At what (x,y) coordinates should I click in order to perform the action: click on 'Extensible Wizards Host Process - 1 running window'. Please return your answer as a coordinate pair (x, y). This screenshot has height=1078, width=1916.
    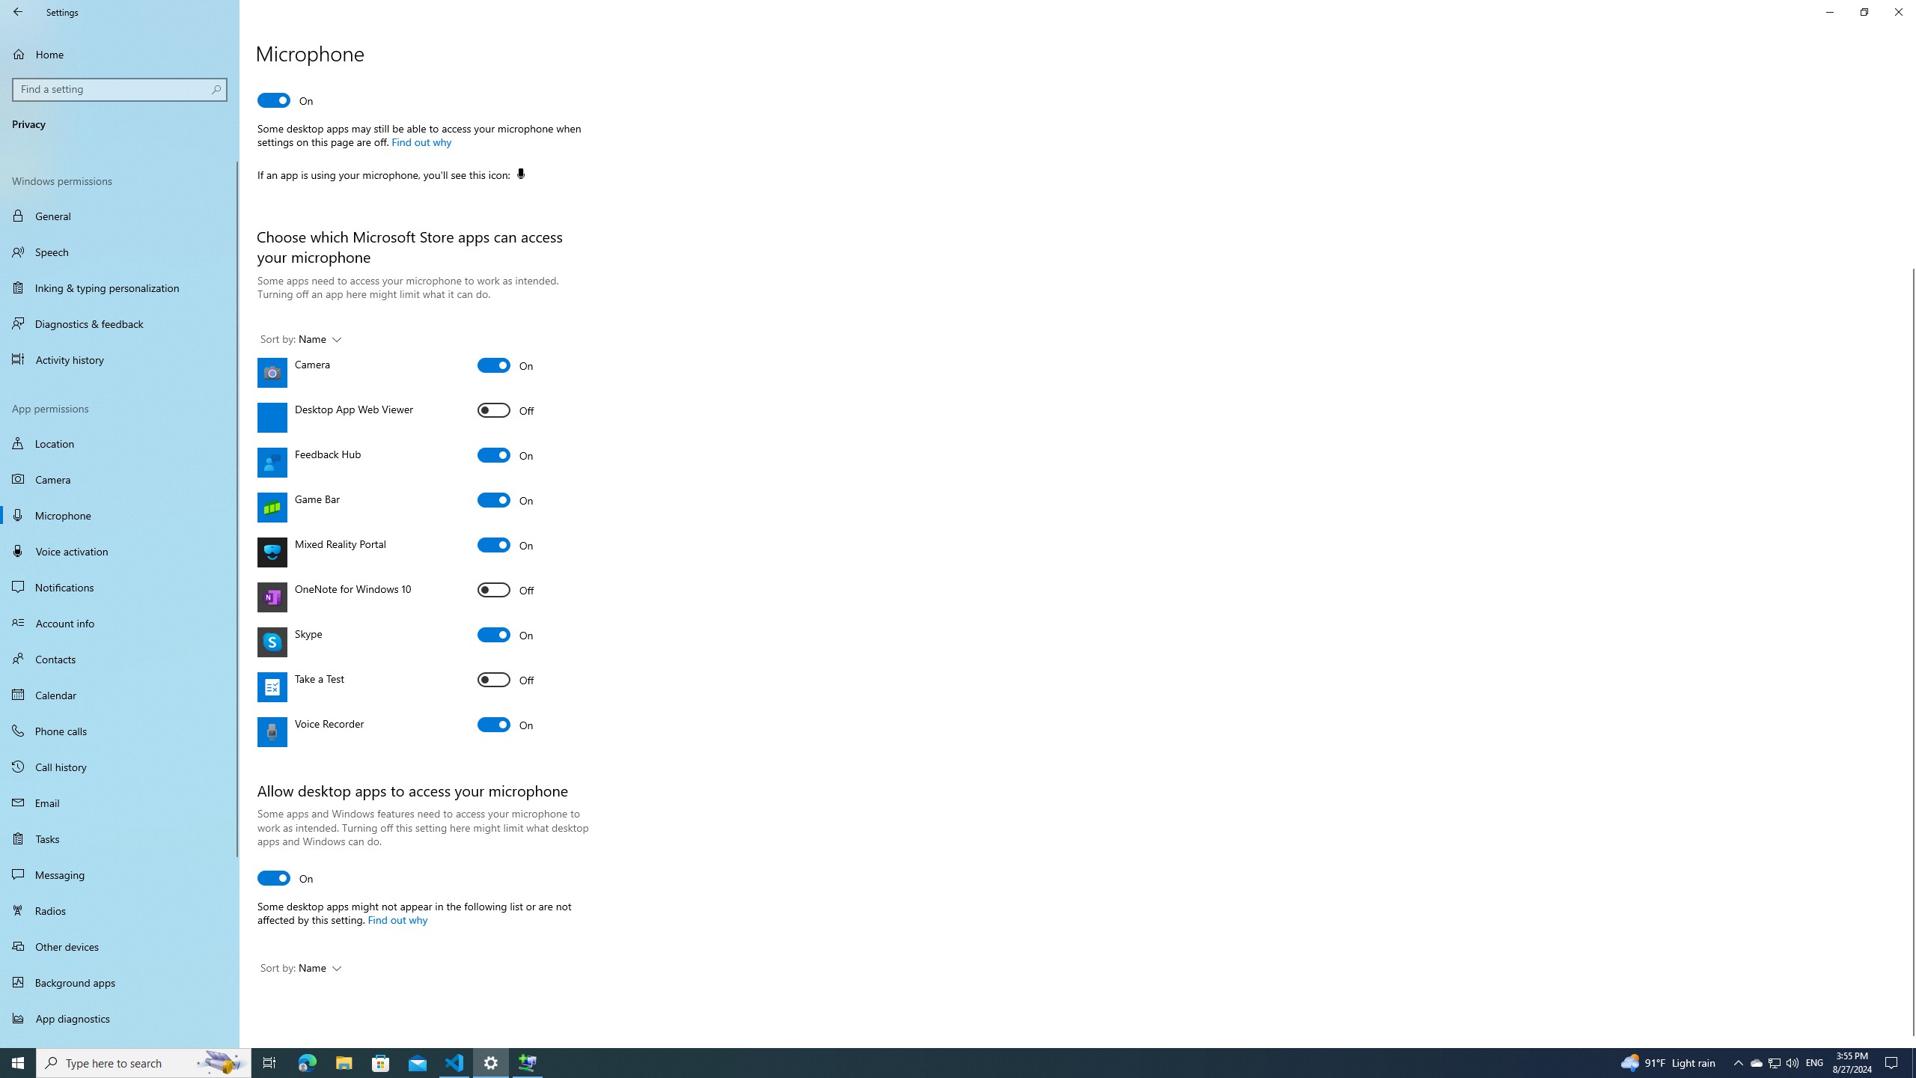
    Looking at the image, I should click on (528, 1062).